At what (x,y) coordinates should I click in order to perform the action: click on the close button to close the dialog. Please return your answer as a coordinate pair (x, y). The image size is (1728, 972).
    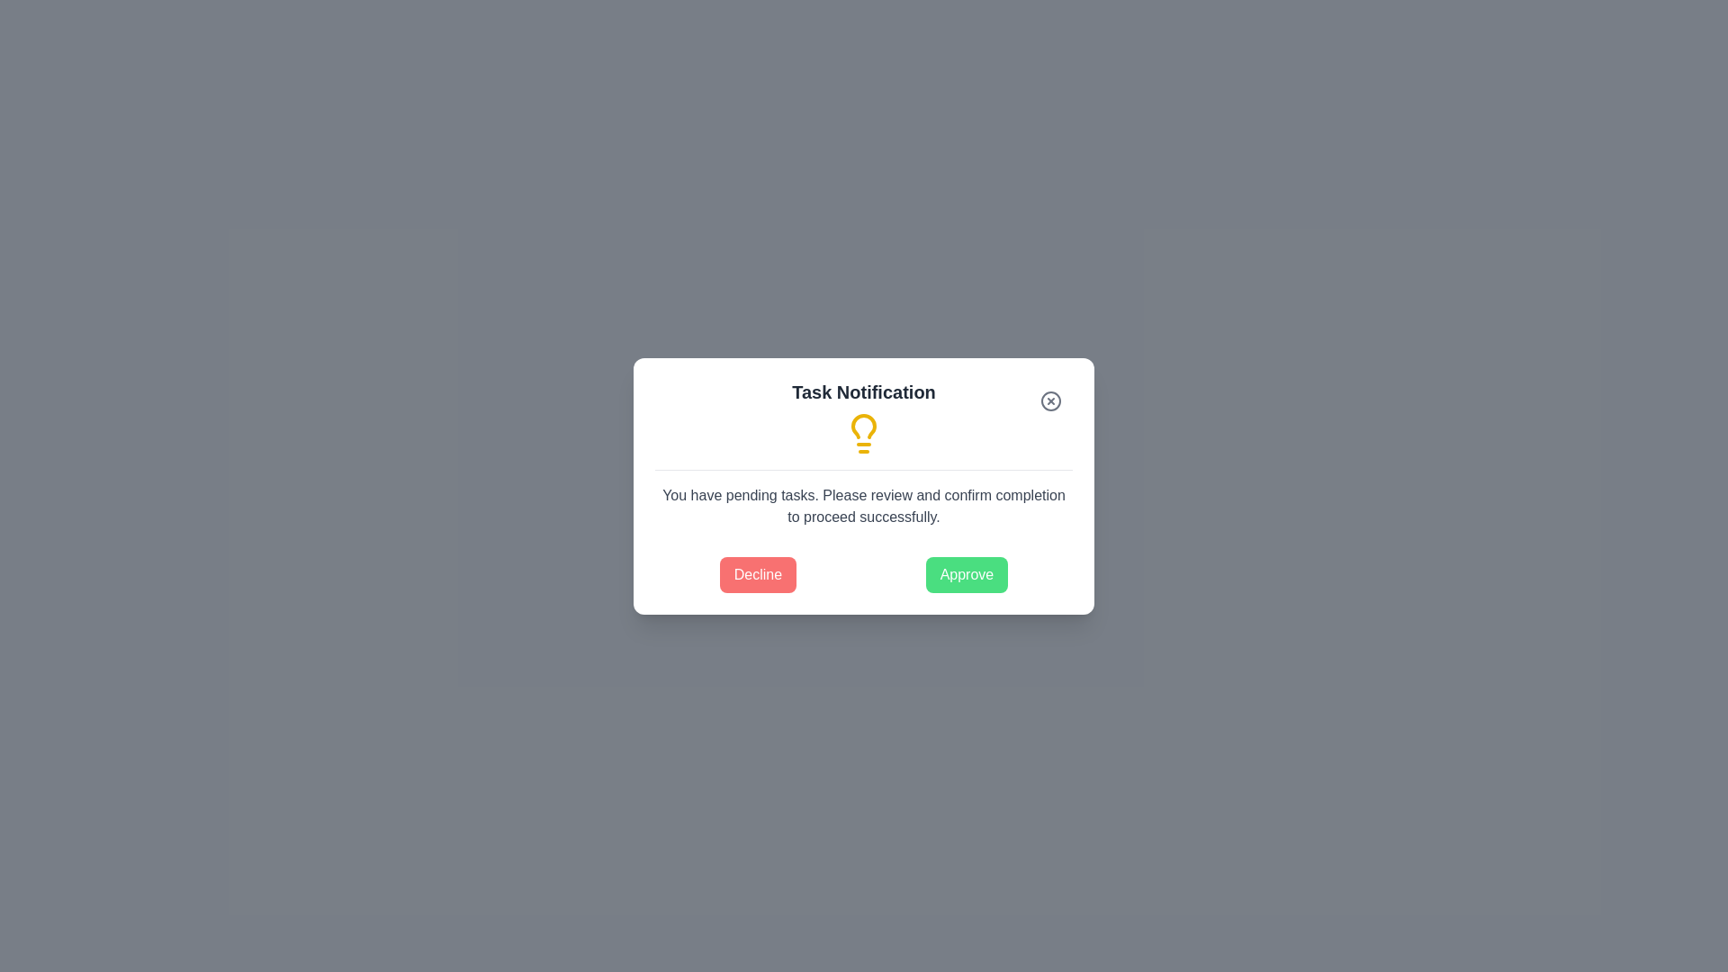
    Looking at the image, I should click on (1050, 400).